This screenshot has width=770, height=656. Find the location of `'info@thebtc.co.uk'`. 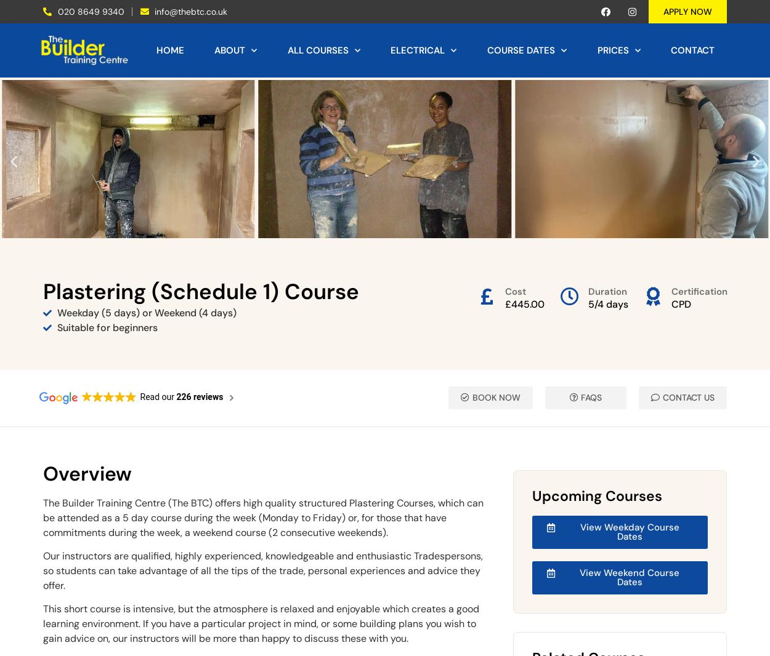

'info@thebtc.co.uk' is located at coordinates (191, 10).